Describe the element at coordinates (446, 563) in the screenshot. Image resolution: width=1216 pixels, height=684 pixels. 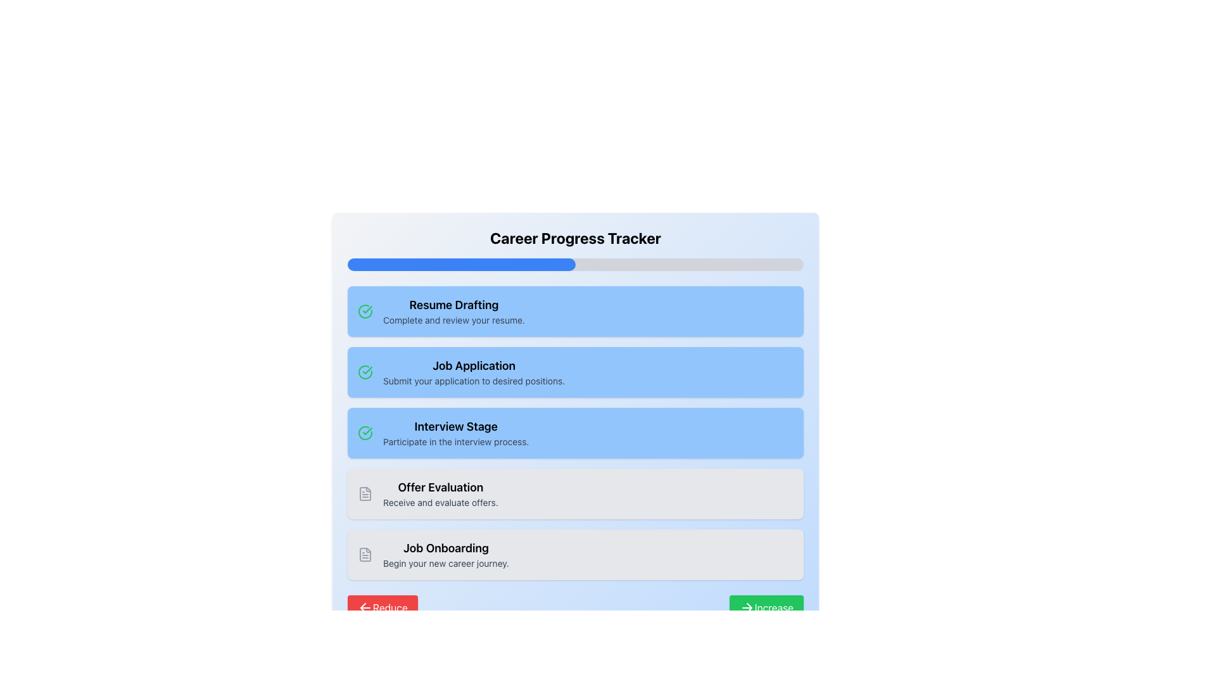
I see `descriptive text content located below the 'Job Onboarding' title in the progress tracker interface` at that location.